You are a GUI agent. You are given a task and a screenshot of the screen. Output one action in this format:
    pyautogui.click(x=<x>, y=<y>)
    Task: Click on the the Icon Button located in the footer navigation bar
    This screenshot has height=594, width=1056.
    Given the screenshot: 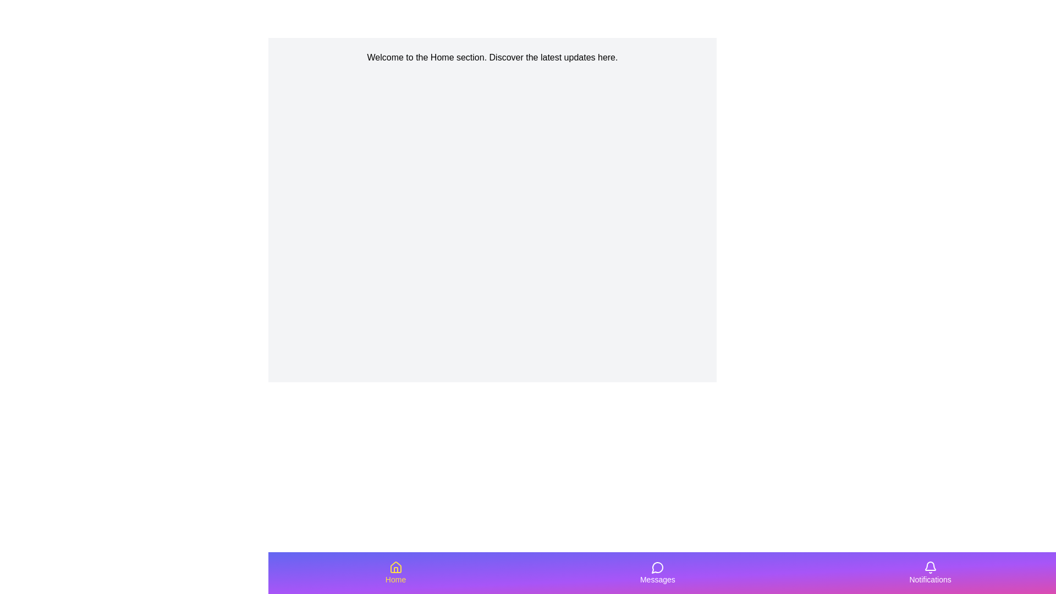 What is the action you would take?
    pyautogui.click(x=657, y=568)
    